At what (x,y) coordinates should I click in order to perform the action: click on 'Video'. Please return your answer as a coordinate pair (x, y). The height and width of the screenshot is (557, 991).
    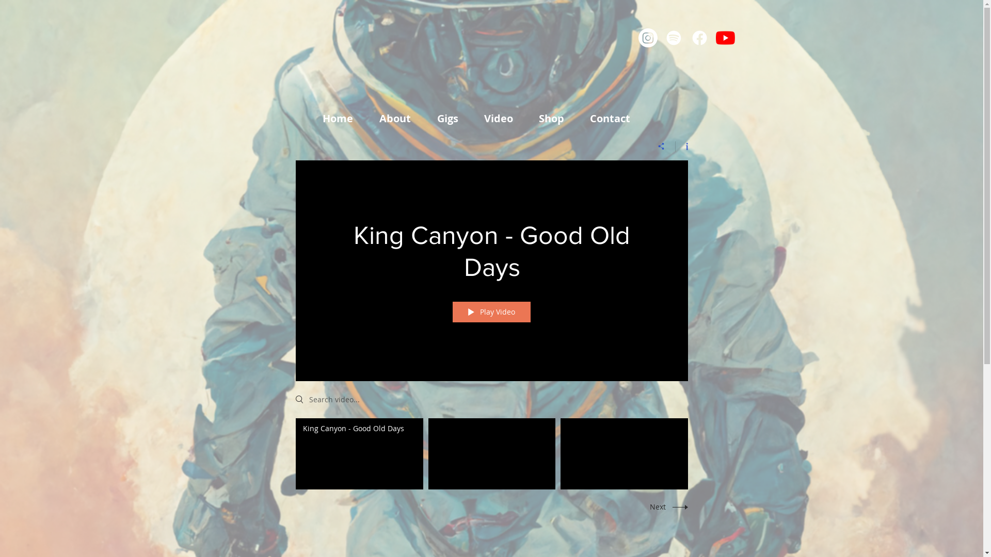
    Looking at the image, I should click on (503, 118).